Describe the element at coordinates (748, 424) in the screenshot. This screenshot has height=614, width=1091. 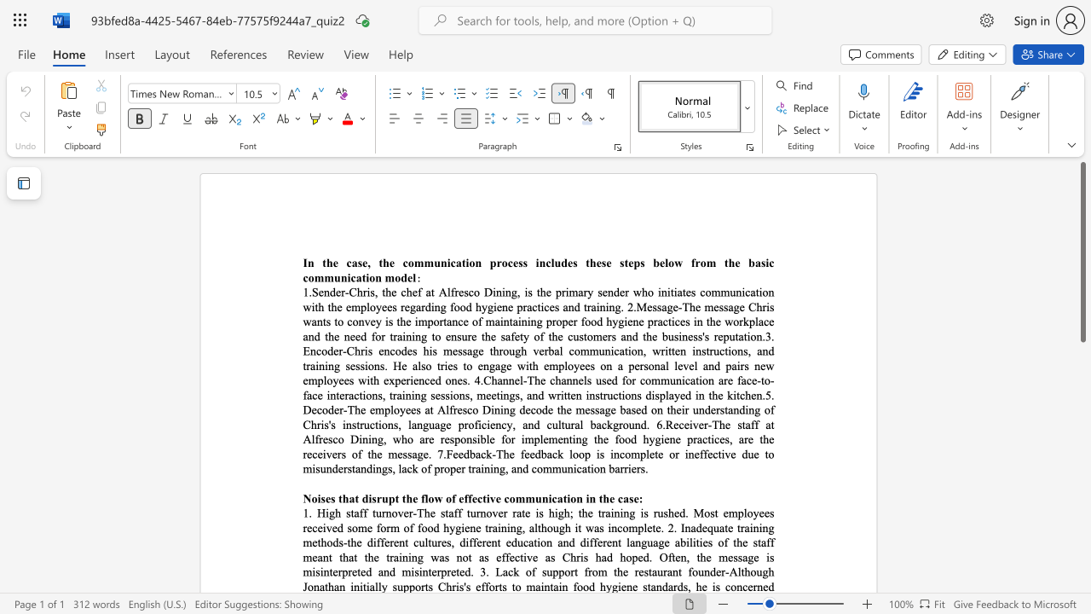
I see `the 4th character "a" in the text` at that location.